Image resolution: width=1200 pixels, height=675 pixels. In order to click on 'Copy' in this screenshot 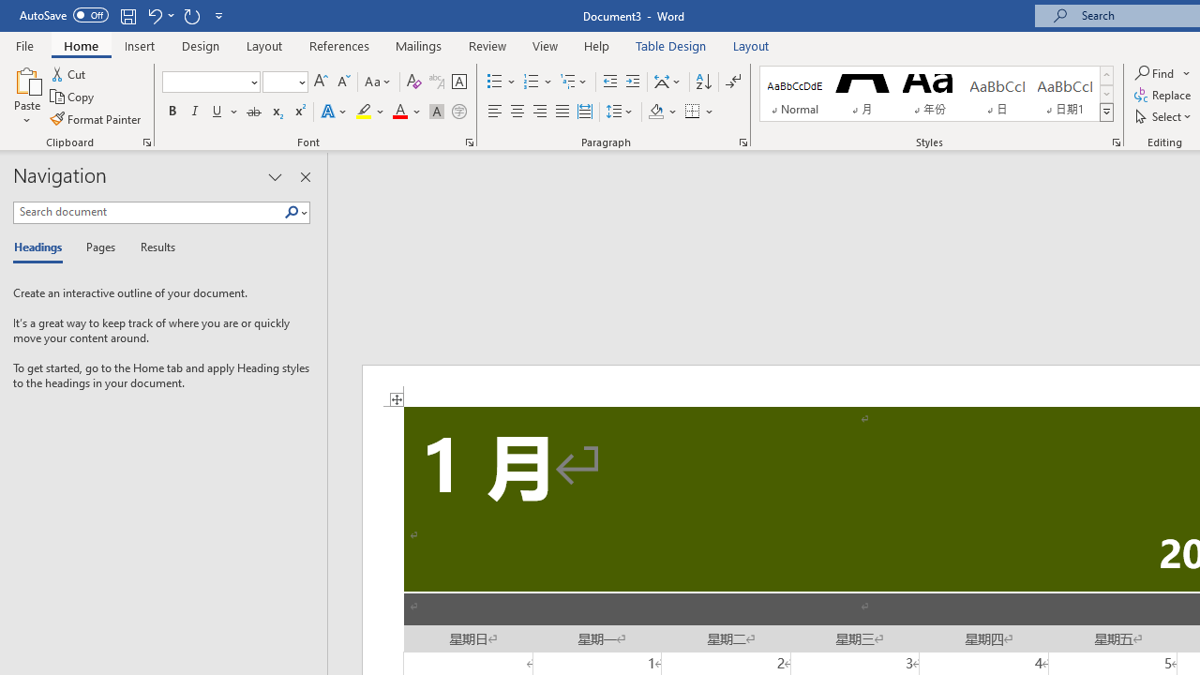, I will do `click(73, 97)`.